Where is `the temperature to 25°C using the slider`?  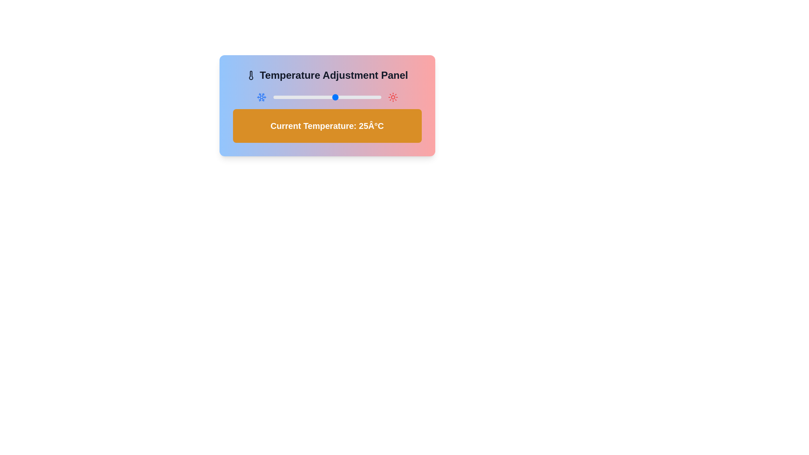 the temperature to 25°C using the slider is located at coordinates (335, 97).